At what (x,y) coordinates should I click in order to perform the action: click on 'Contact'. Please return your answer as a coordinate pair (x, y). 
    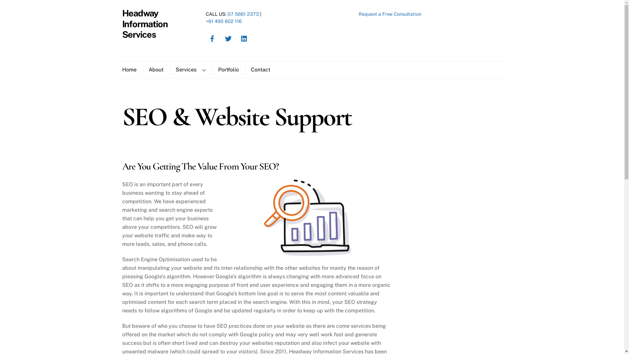
    Looking at the image, I should click on (259, 69).